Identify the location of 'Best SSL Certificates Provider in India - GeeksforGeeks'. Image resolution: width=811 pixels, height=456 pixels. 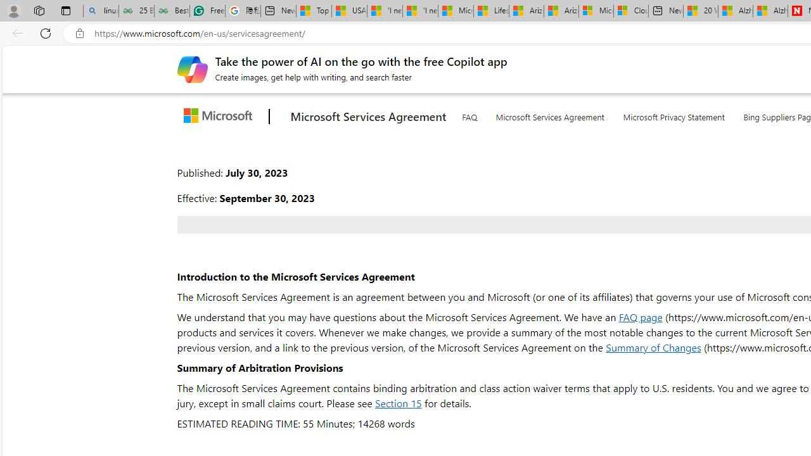
(172, 11).